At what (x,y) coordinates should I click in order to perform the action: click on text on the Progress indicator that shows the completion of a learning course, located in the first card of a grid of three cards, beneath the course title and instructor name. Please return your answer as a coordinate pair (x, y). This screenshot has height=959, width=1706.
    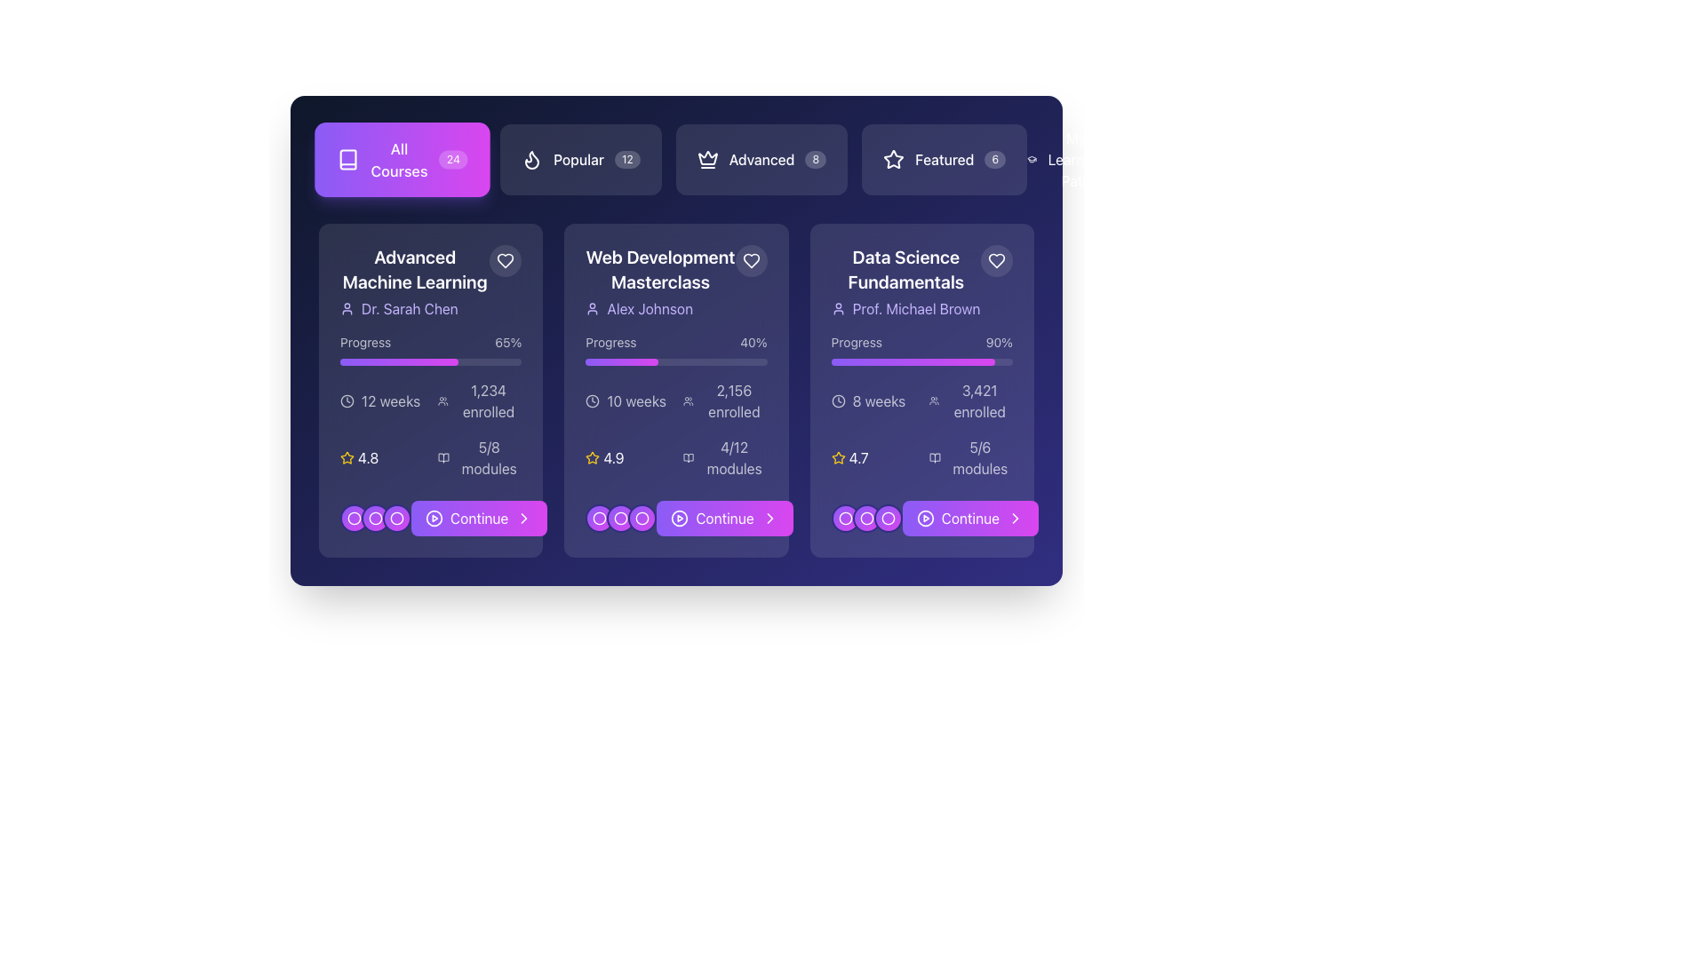
    Looking at the image, I should click on (431, 349).